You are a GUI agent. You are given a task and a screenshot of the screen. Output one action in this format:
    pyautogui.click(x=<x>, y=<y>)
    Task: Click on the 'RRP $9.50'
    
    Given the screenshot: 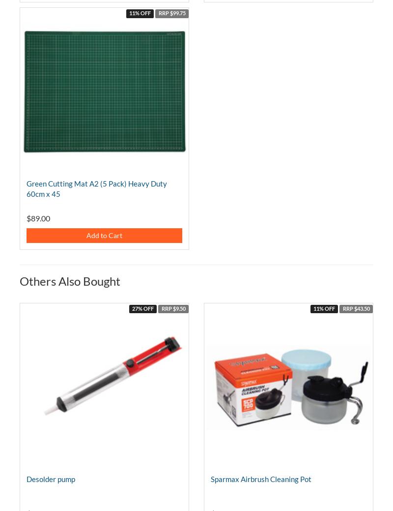 What is the action you would take?
    pyautogui.click(x=173, y=308)
    